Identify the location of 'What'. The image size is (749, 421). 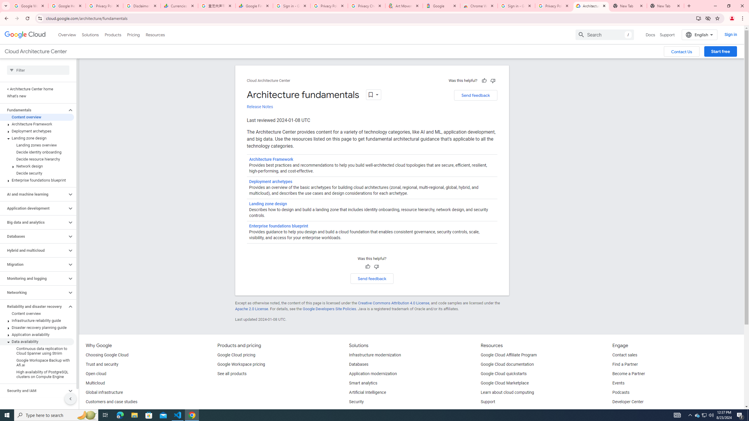
(37, 96).